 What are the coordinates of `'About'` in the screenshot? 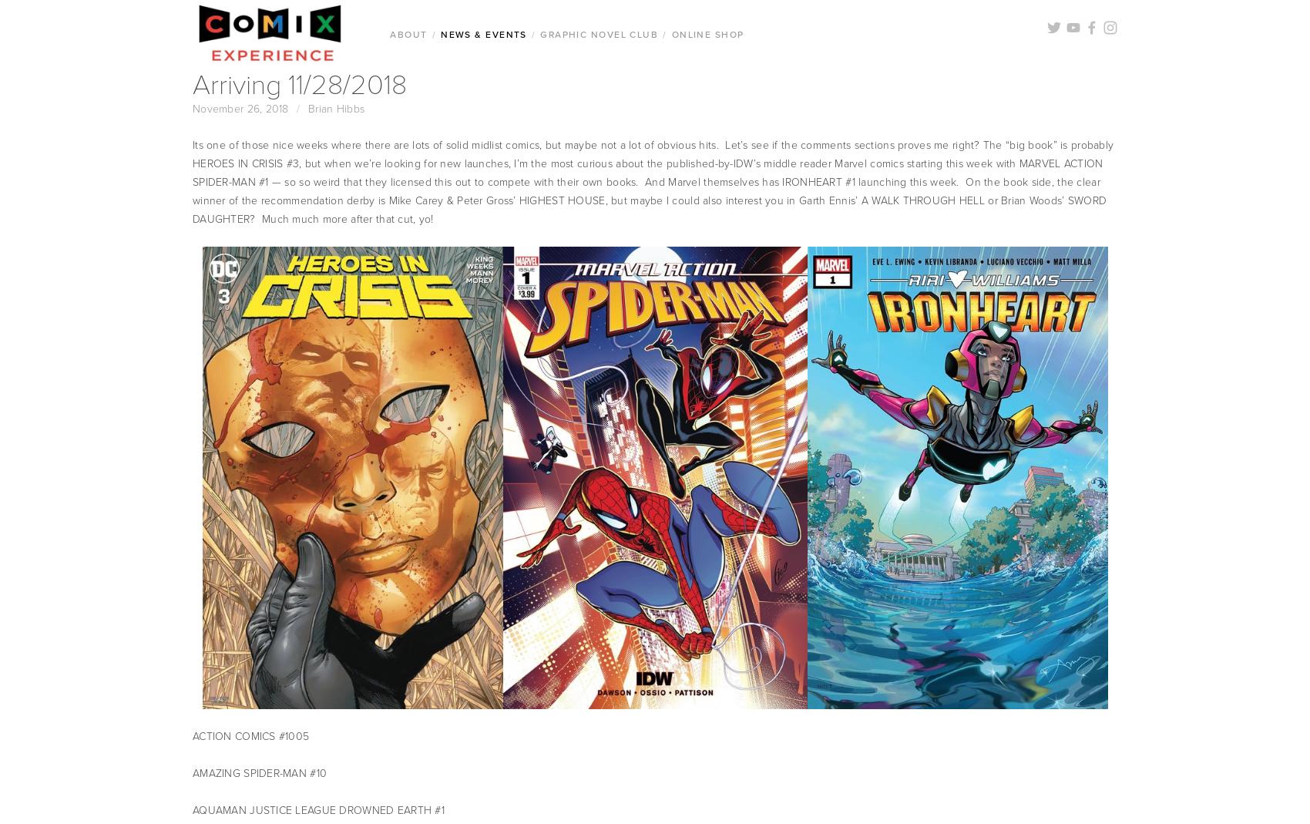 It's located at (408, 33).